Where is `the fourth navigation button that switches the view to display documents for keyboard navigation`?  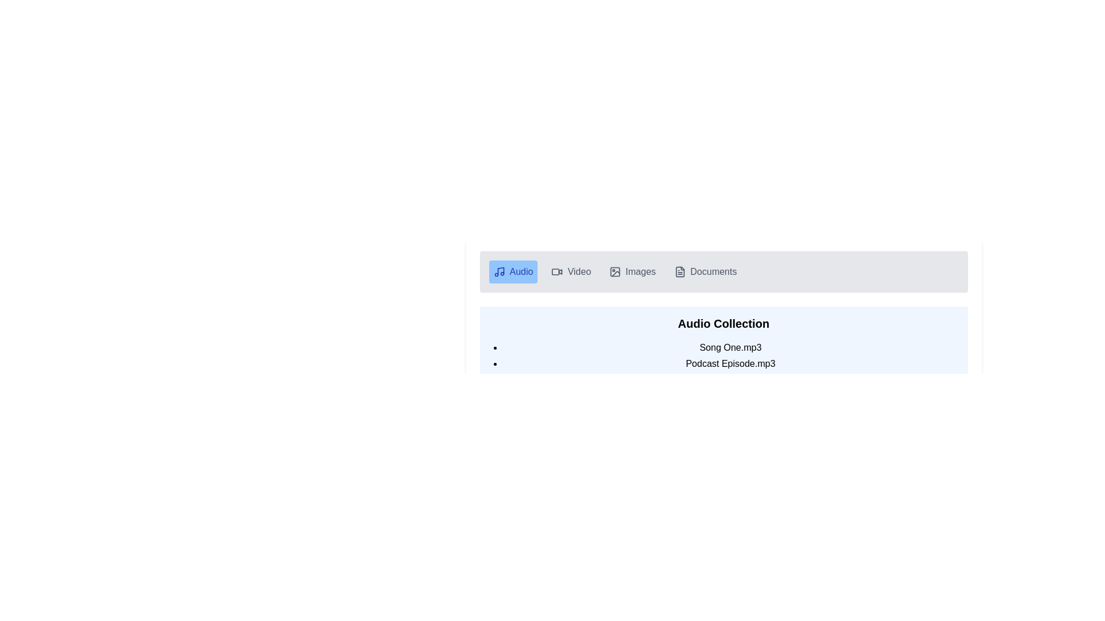 the fourth navigation button that switches the view to display documents for keyboard navigation is located at coordinates (704, 272).